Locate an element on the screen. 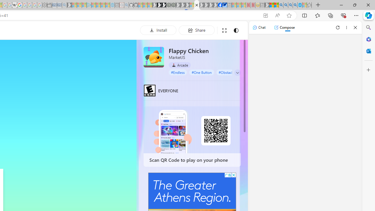 The height and width of the screenshot is (211, 375). 'AirNow.gov' is located at coordinates (224, 5).